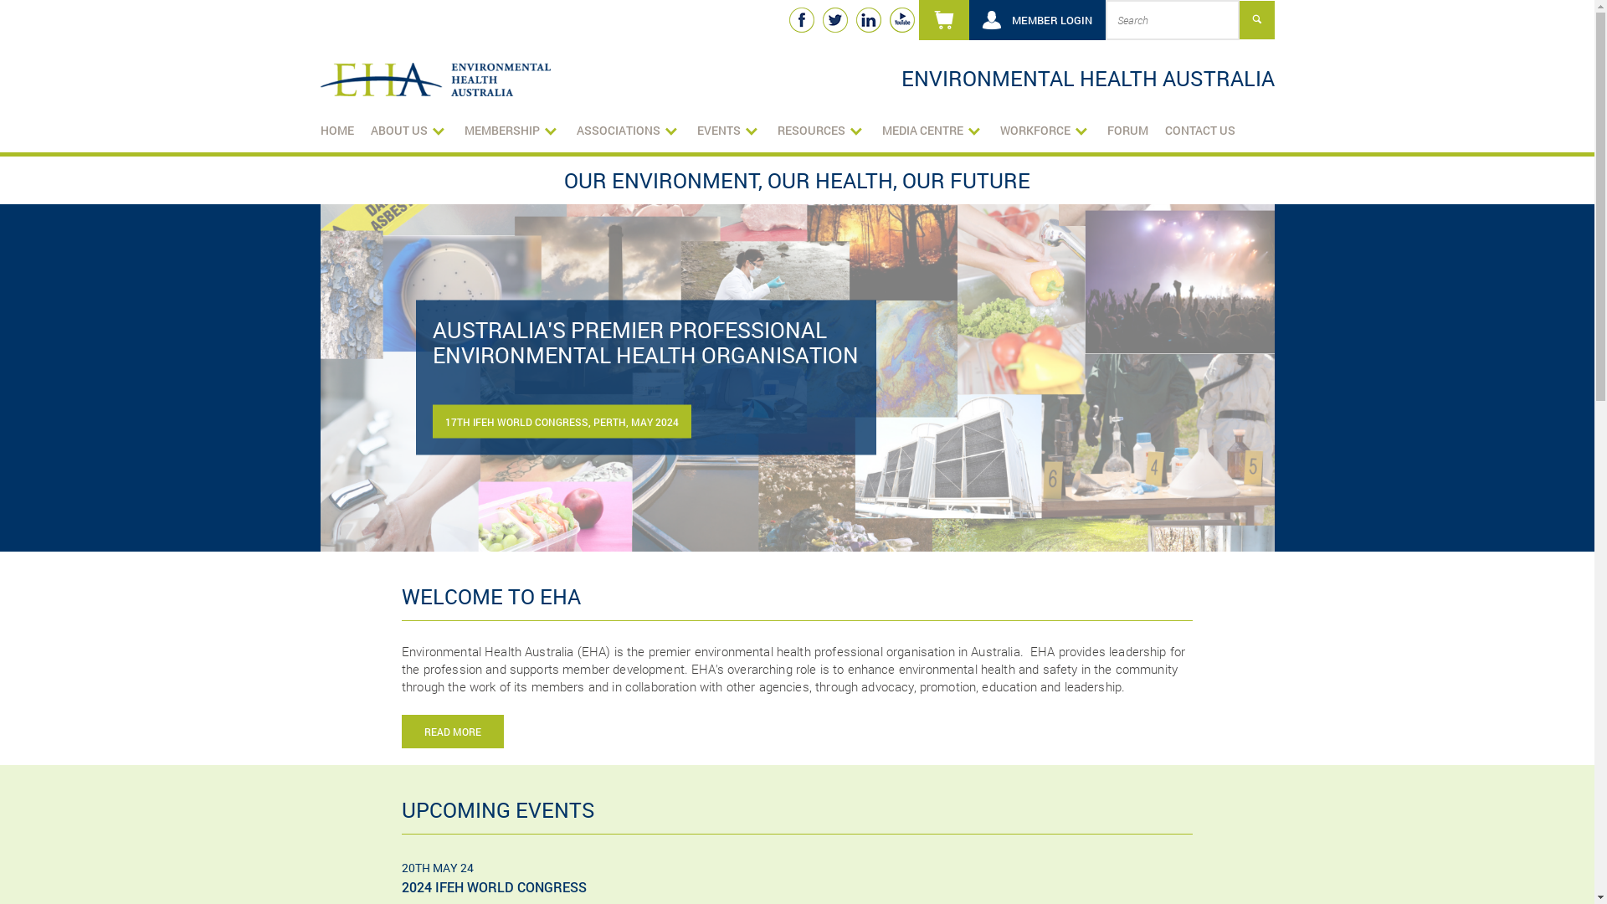 Image resolution: width=1607 pixels, height=904 pixels. What do you see at coordinates (799, 19) in the screenshot?
I see `'Facebook'` at bounding box center [799, 19].